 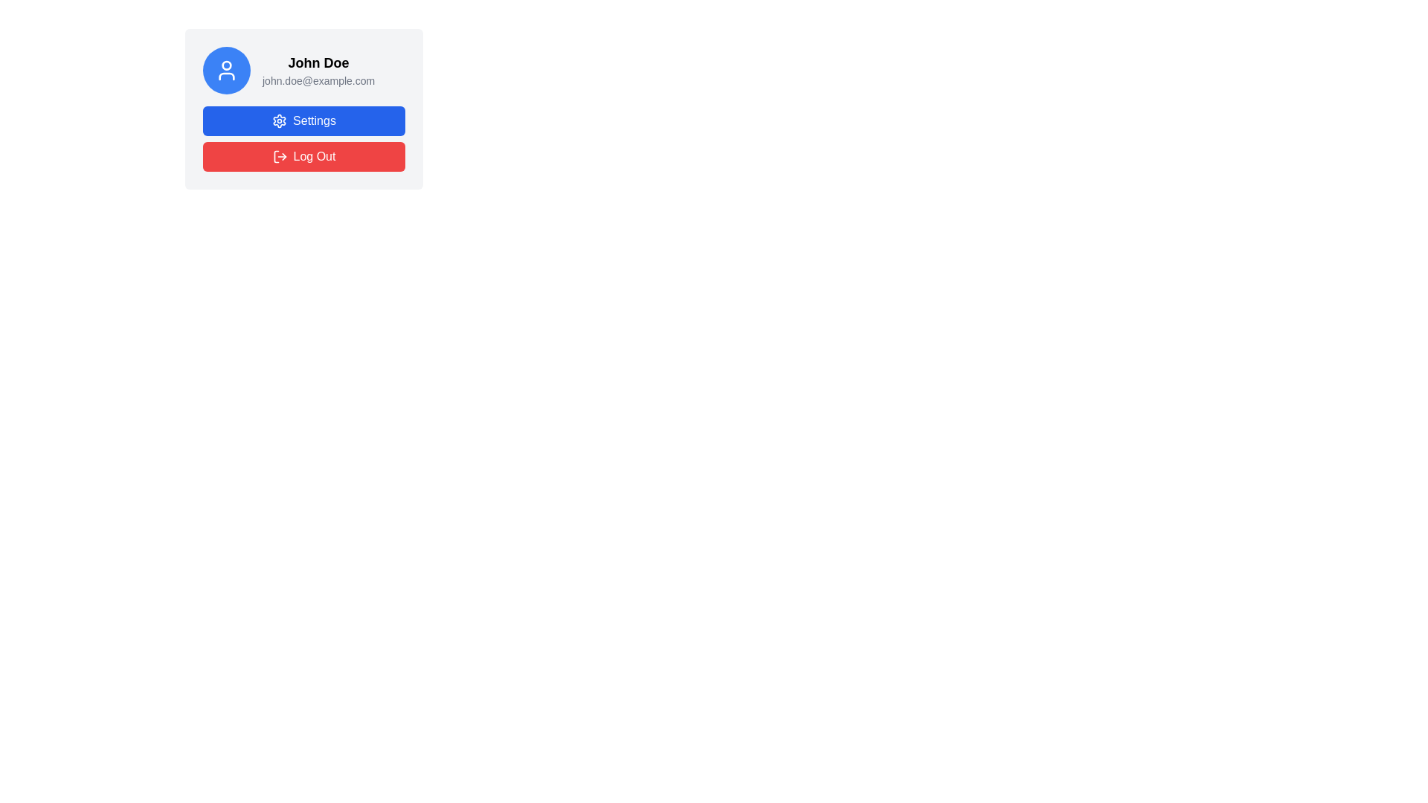 What do you see at coordinates (226, 71) in the screenshot?
I see `the Avatar/Placeholder Icon located at the upper left corner of the user's profile section, adjacent to 'John Doe' and 'john.doe@example.com'` at bounding box center [226, 71].